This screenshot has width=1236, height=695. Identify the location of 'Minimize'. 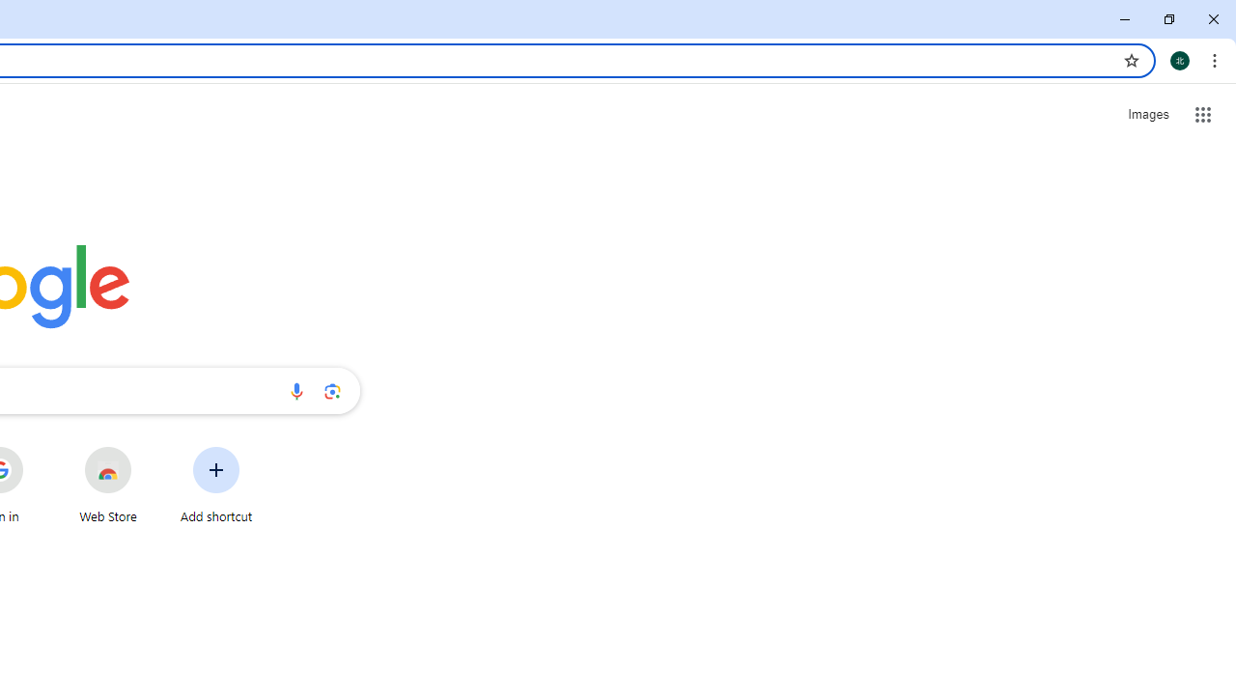
(1125, 19).